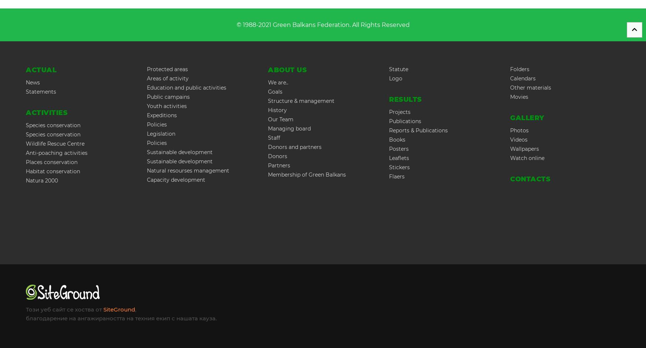 This screenshot has width=646, height=348. Describe the element at coordinates (278, 82) in the screenshot. I see `'We are..'` at that location.